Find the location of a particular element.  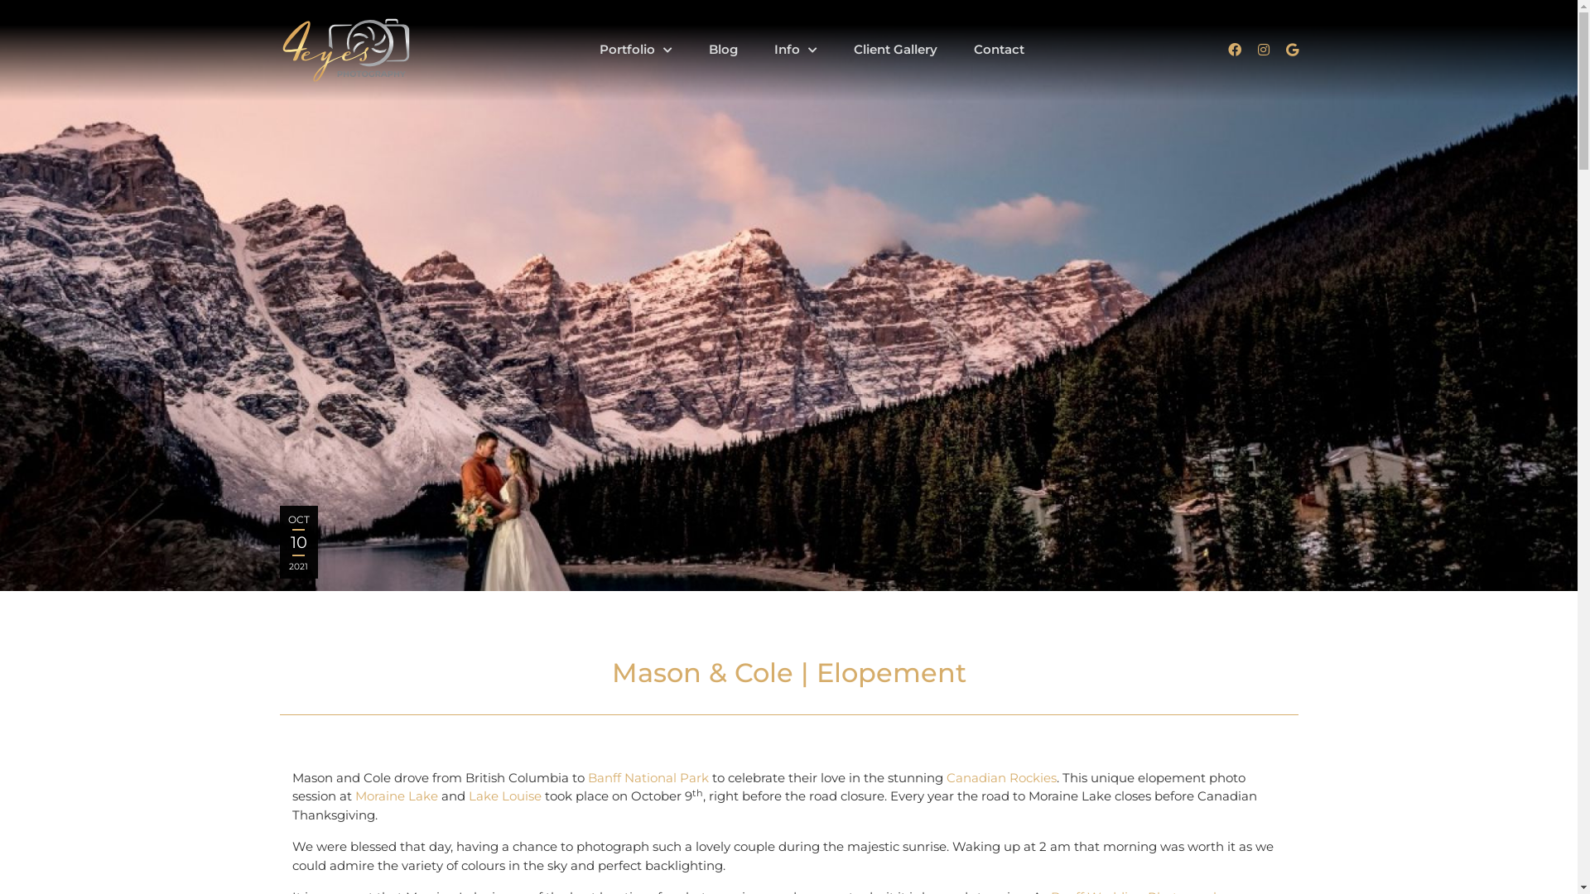

'Contact' is located at coordinates (957, 48).